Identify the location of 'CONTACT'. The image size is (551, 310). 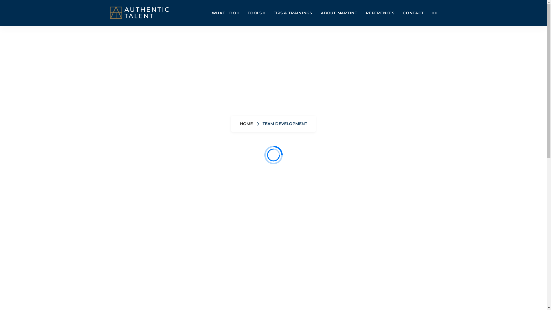
(413, 13).